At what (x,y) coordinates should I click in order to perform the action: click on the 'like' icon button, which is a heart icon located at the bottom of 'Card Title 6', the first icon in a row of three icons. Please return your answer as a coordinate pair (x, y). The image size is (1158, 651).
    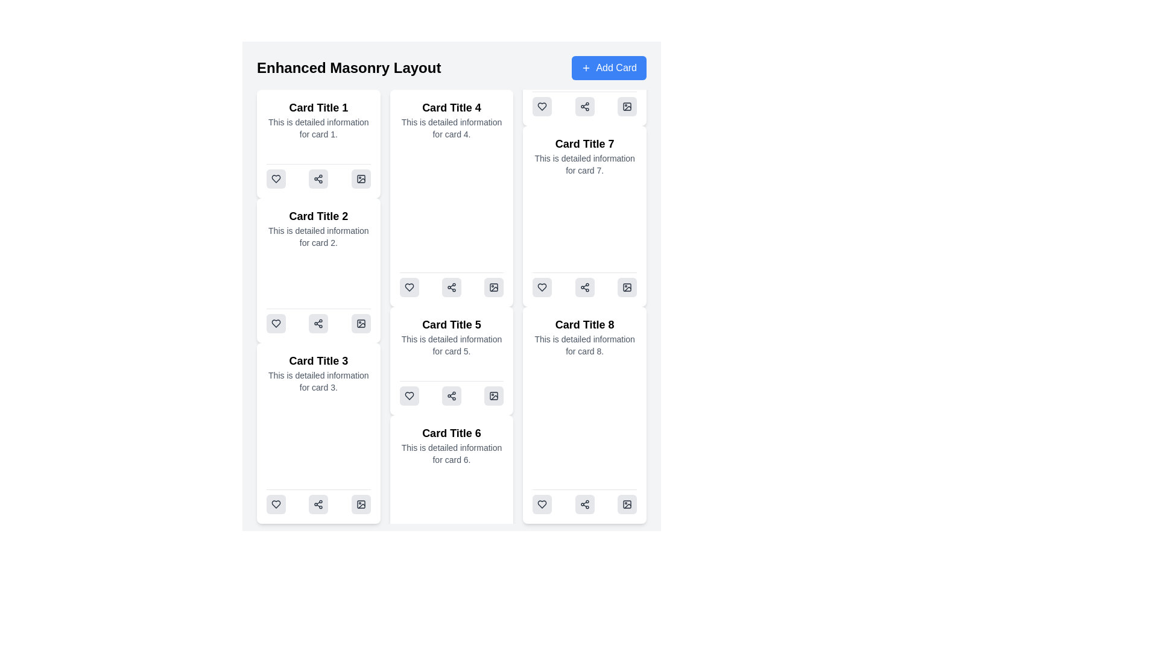
    Looking at the image, I should click on (409, 395).